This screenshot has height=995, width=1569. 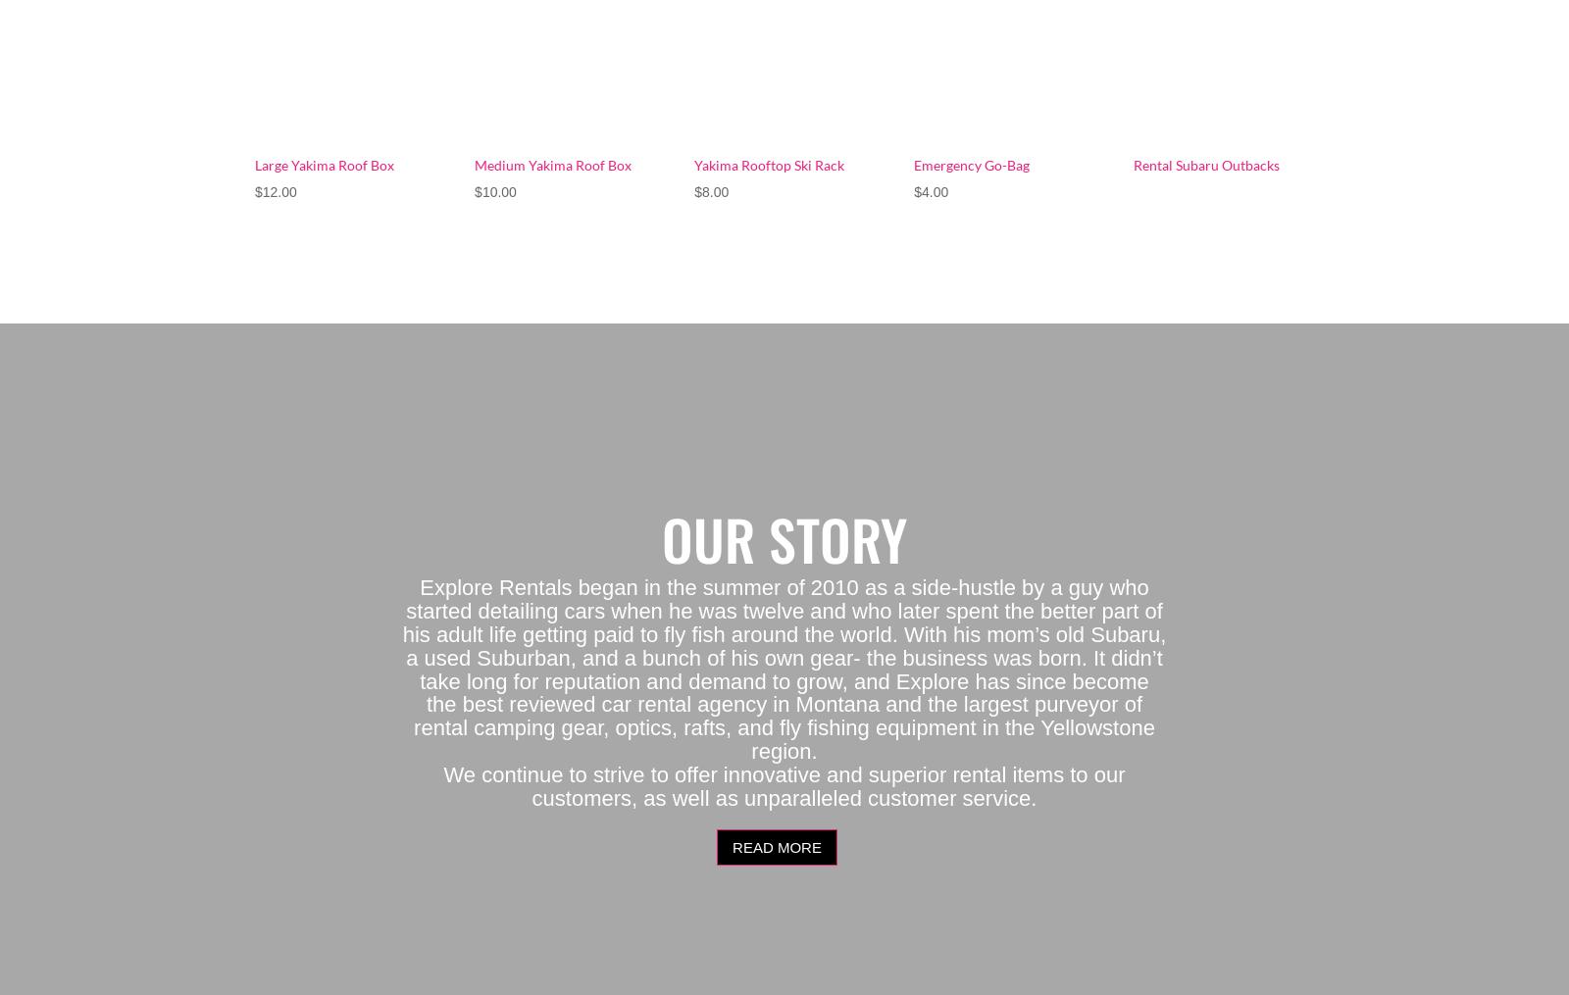 What do you see at coordinates (971, 163) in the screenshot?
I see `'Emergency Go-Bag'` at bounding box center [971, 163].